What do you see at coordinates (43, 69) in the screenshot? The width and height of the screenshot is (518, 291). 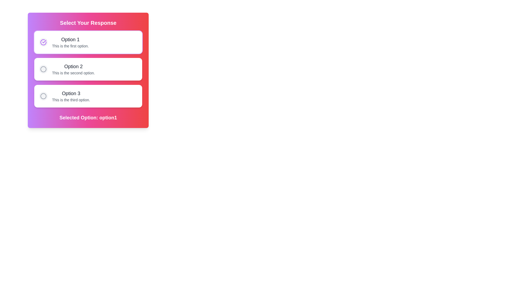 I see `the unselected radio button labeled 'Option 2'` at bounding box center [43, 69].